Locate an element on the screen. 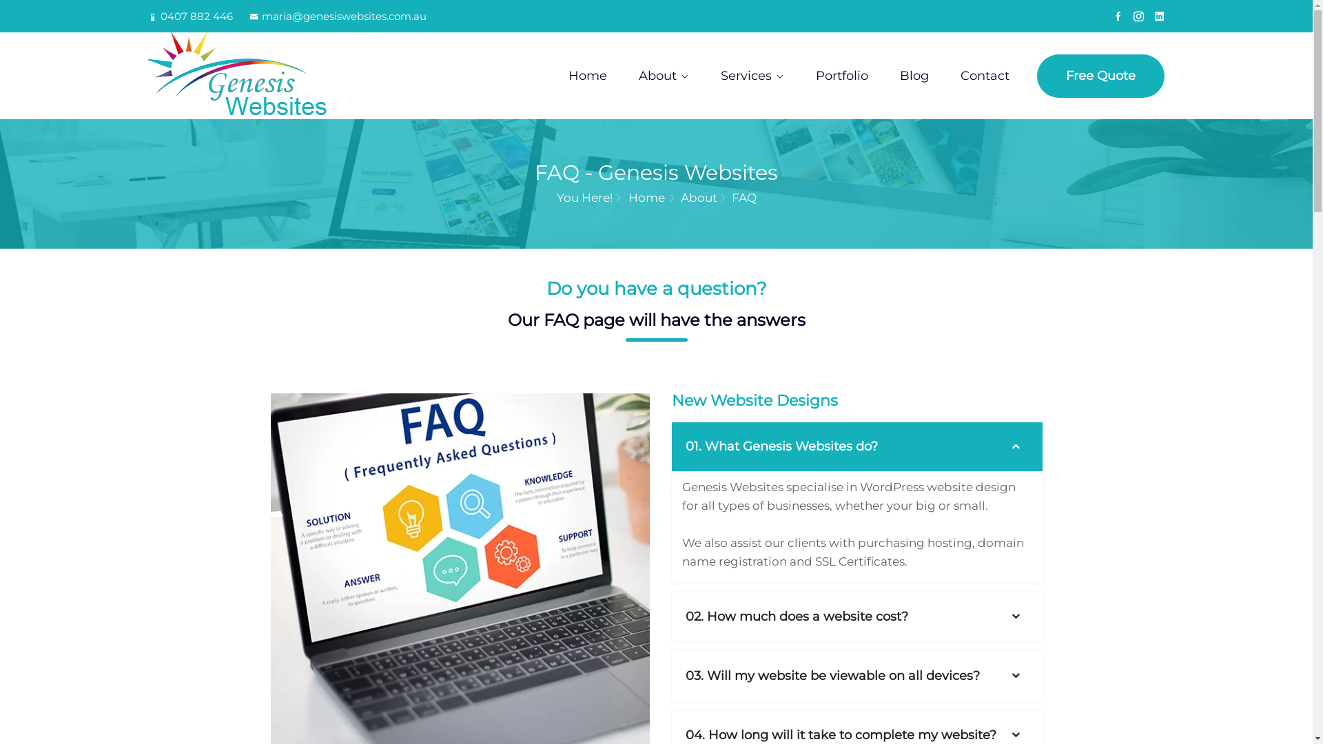  'Blog' is located at coordinates (914, 76).